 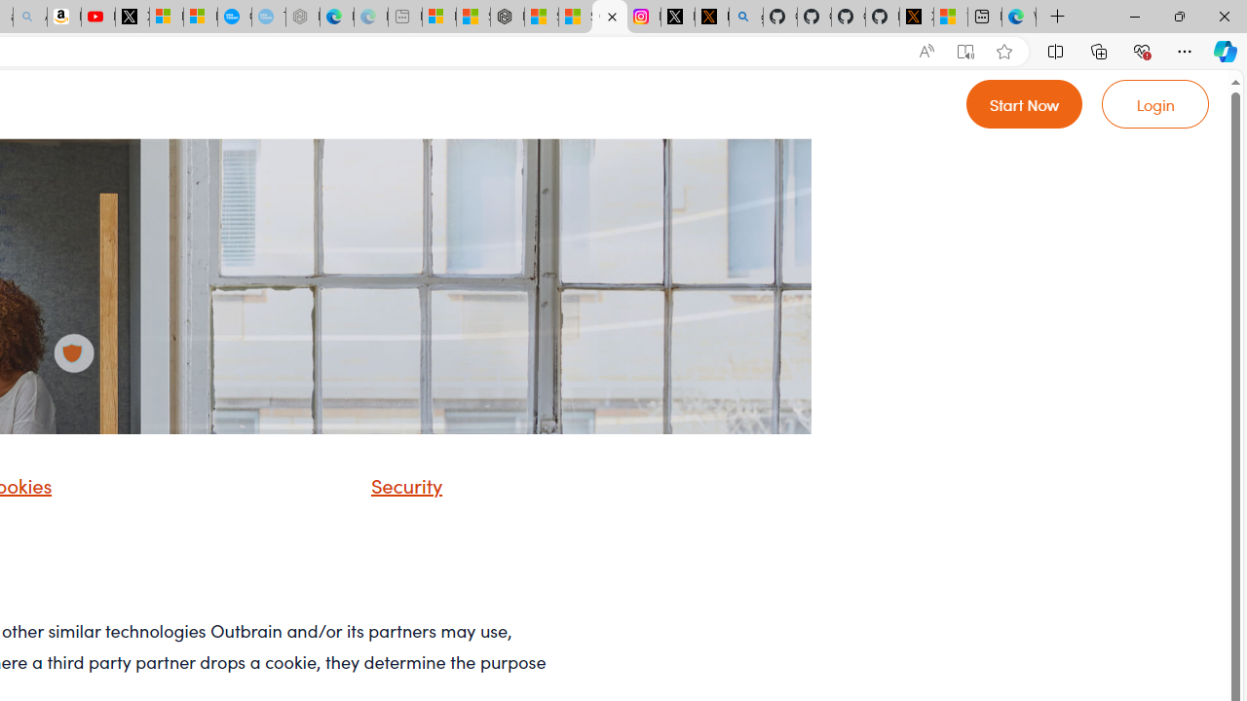 What do you see at coordinates (382, 491) in the screenshot?
I see `'Security'` at bounding box center [382, 491].